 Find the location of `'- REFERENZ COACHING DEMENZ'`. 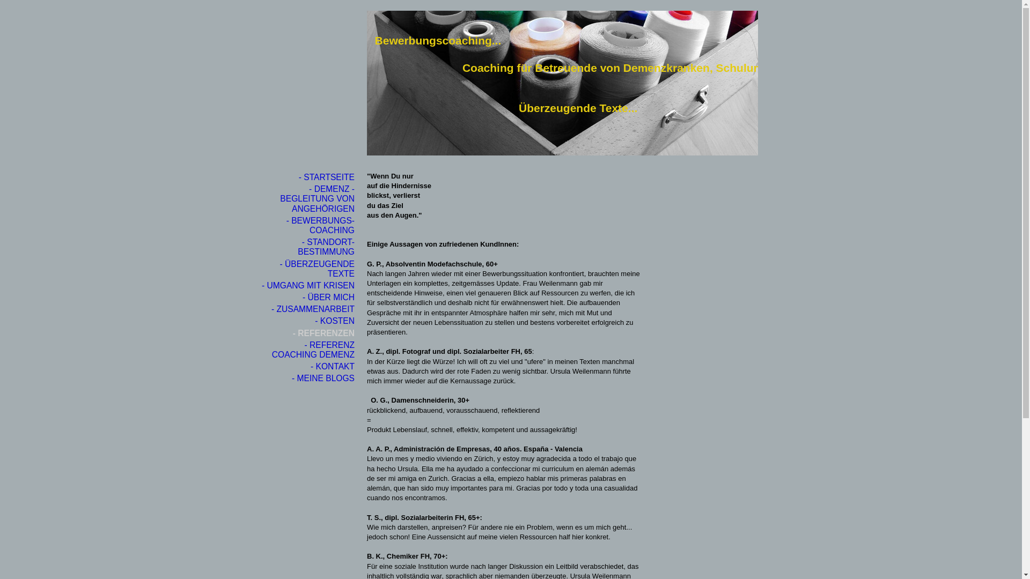

'- REFERENZ COACHING DEMENZ' is located at coordinates (308, 350).